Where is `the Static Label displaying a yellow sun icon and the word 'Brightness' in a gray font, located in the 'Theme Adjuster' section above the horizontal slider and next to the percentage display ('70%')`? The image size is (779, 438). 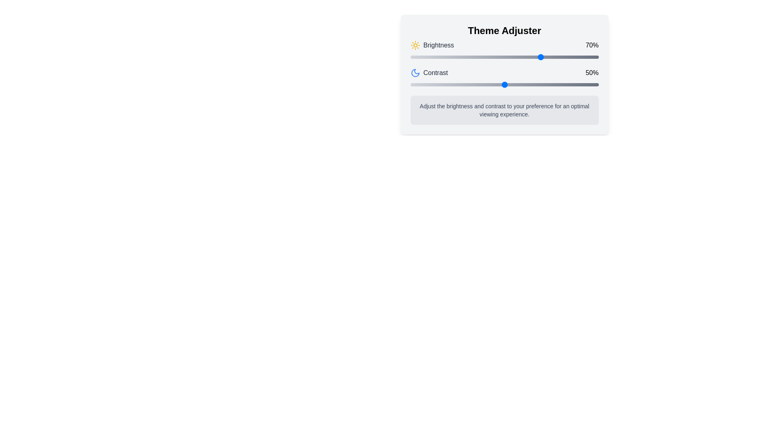 the Static Label displaying a yellow sun icon and the word 'Brightness' in a gray font, located in the 'Theme Adjuster' section above the horizontal slider and next to the percentage display ('70%') is located at coordinates (432, 45).